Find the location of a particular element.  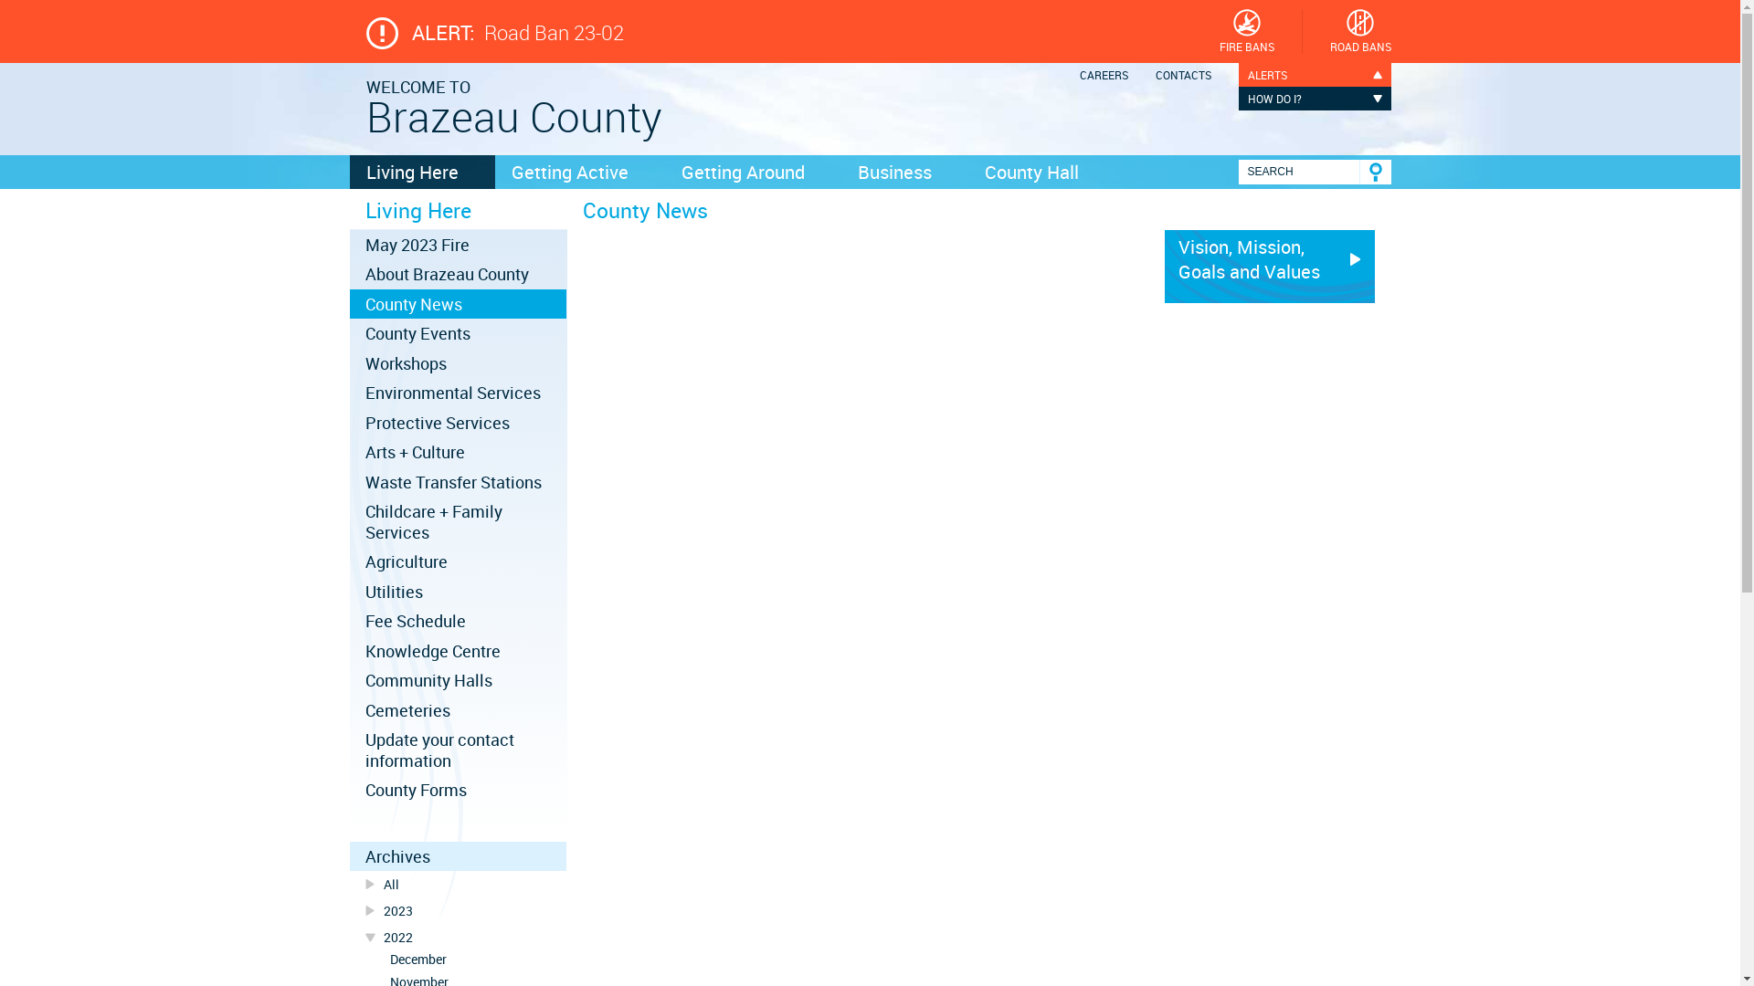

'Agriculture' is located at coordinates (457, 560).